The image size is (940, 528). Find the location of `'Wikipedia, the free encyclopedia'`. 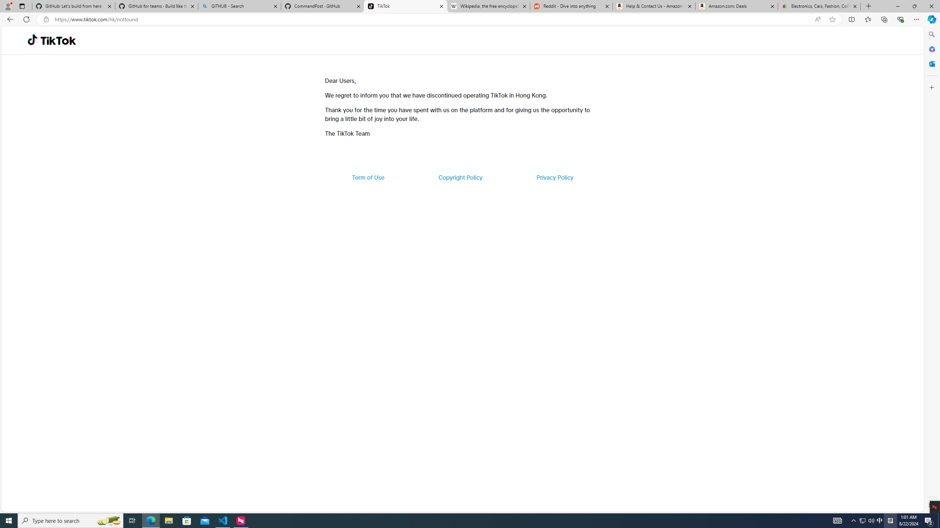

'Wikipedia, the free encyclopedia' is located at coordinates (488, 6).